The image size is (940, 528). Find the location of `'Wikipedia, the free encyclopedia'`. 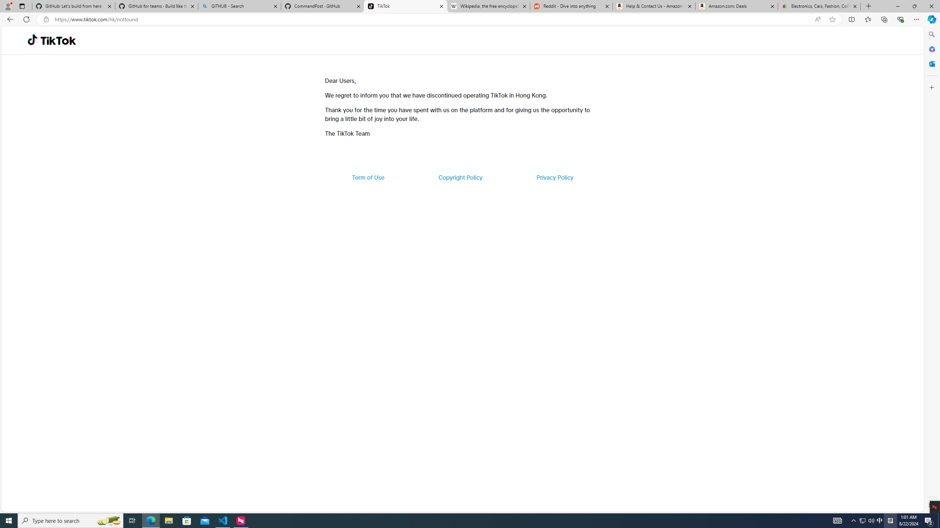

'Wikipedia, the free encyclopedia' is located at coordinates (488, 6).